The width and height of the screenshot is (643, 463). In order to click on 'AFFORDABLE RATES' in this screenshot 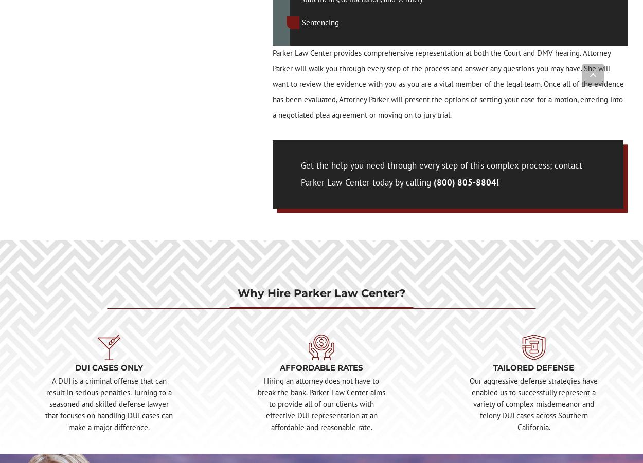, I will do `click(321, 367)`.